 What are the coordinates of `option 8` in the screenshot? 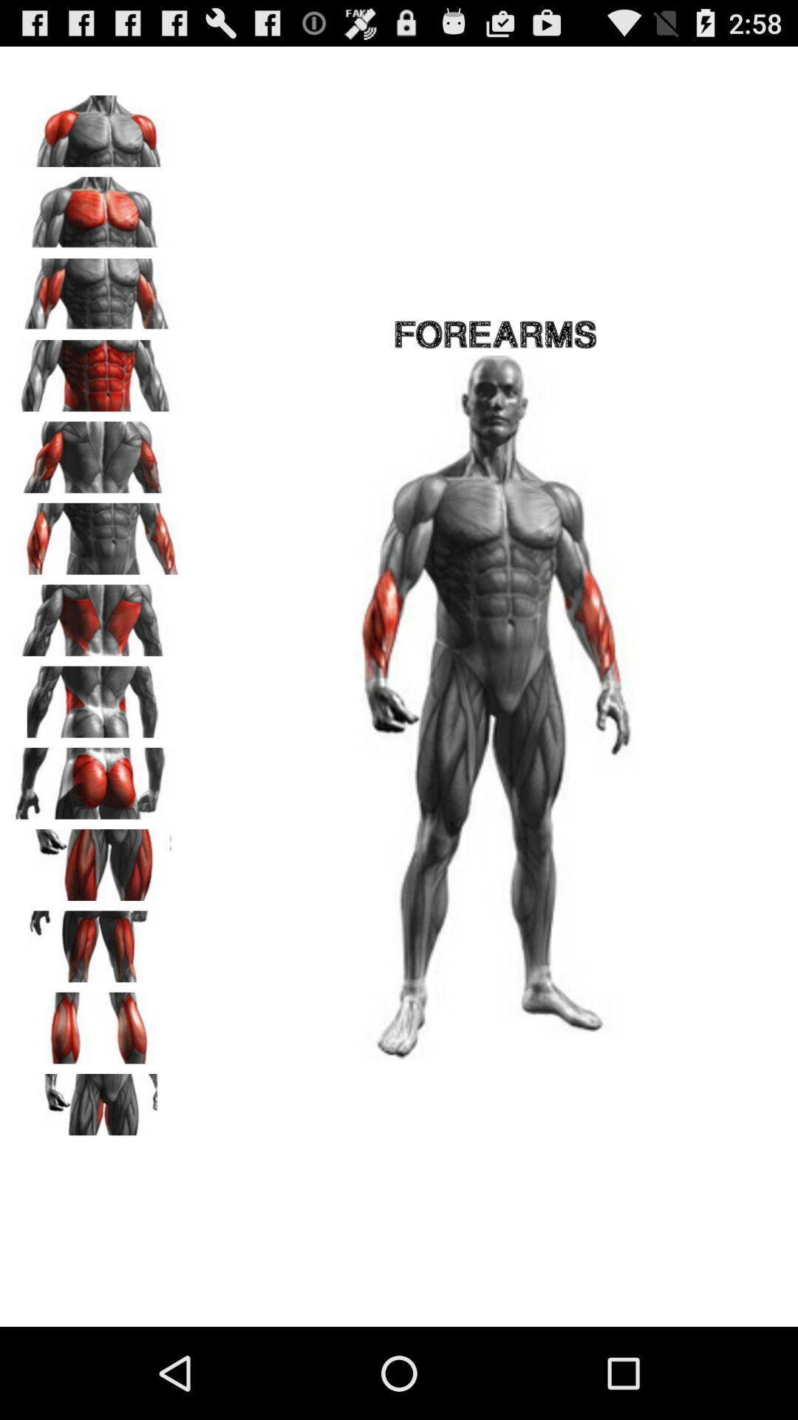 It's located at (97, 696).